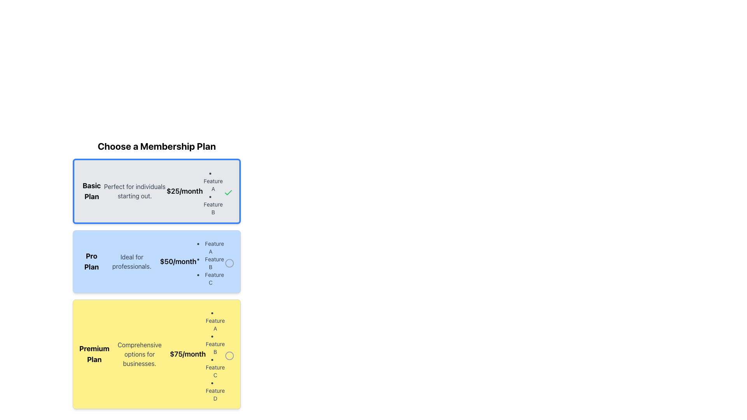 The width and height of the screenshot is (747, 420). I want to click on text label displaying the monthly cost of the 'Basic Plan', which is located in the third column of the membership options grid, so click(184, 191).